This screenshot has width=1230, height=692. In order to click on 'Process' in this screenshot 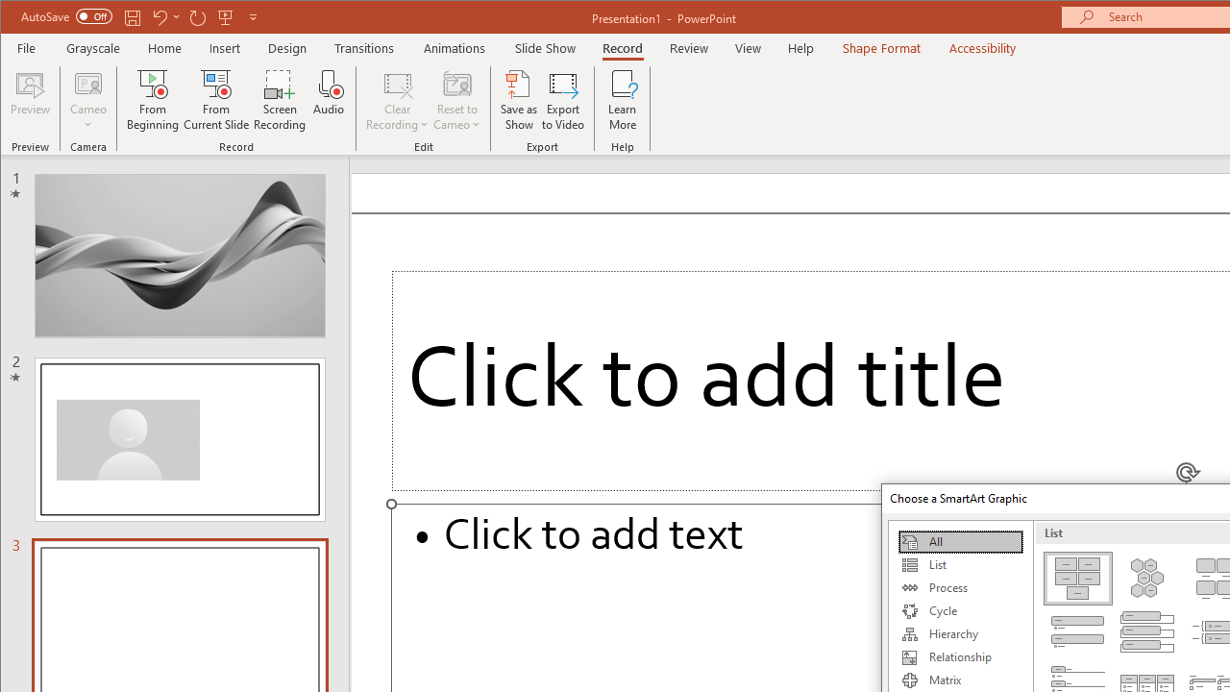, I will do `click(960, 587)`.